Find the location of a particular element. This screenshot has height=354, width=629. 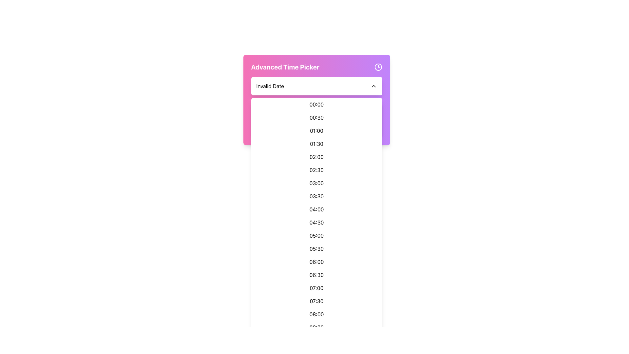

the circular clock icon with a stylized clock face located in the top-right corner of the 'Advanced Time Picker' header bar is located at coordinates (378, 67).